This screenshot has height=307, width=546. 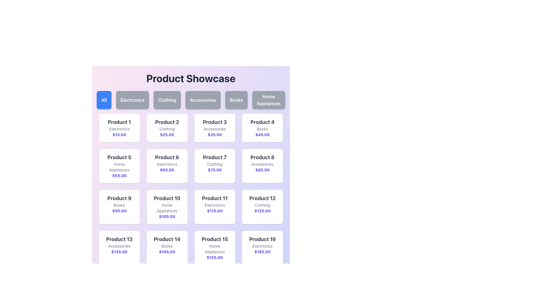 What do you see at coordinates (262, 128) in the screenshot?
I see `the product listing card located in the top-right corner of the grid layout, specifically in the first row and fourth column` at bounding box center [262, 128].